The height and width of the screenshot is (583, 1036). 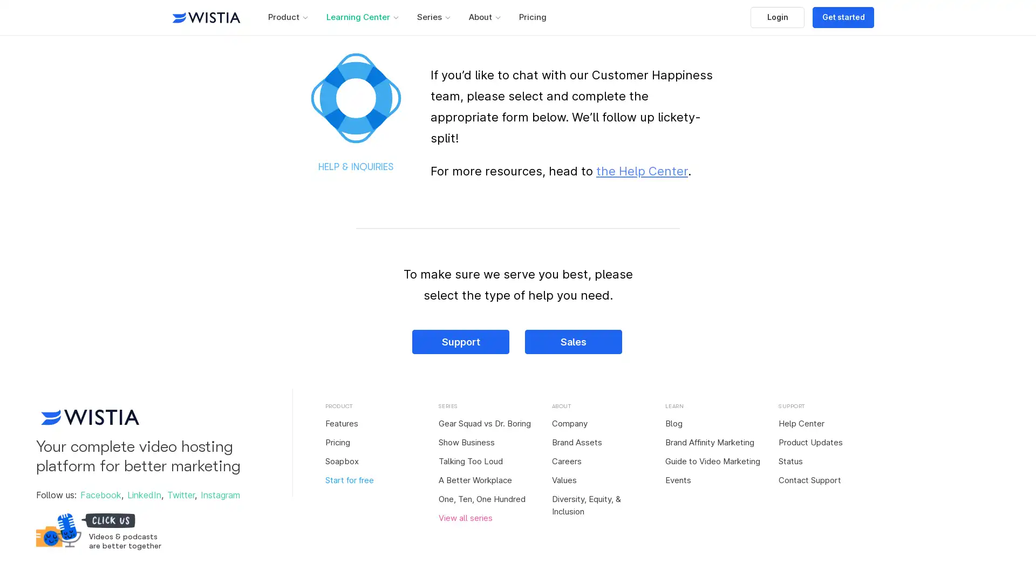 What do you see at coordinates (362, 17) in the screenshot?
I see `Learning Center` at bounding box center [362, 17].